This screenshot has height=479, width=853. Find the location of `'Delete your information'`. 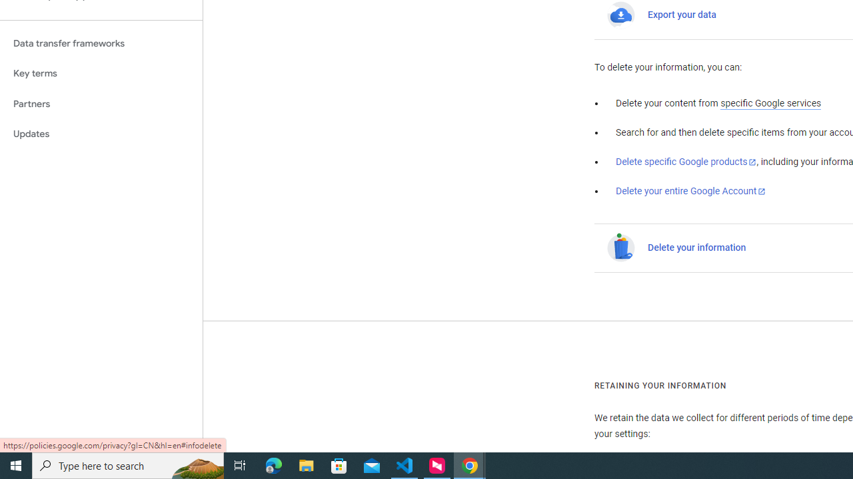

'Delete your information' is located at coordinates (696, 248).